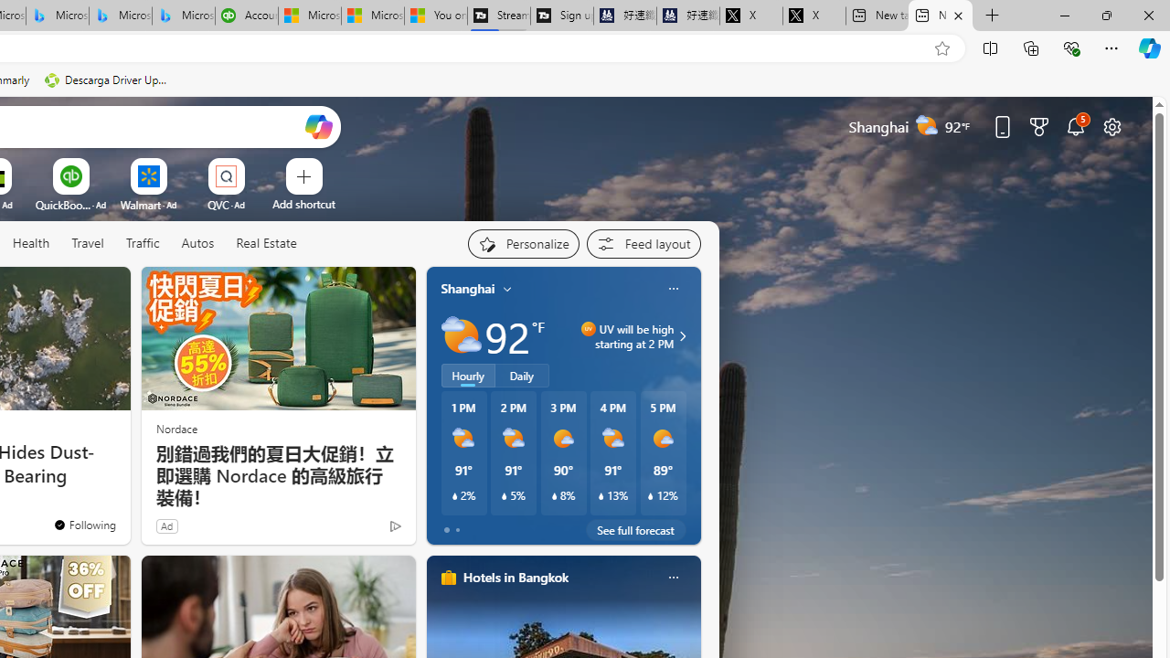  What do you see at coordinates (468, 375) in the screenshot?
I see `'Hourly'` at bounding box center [468, 375].